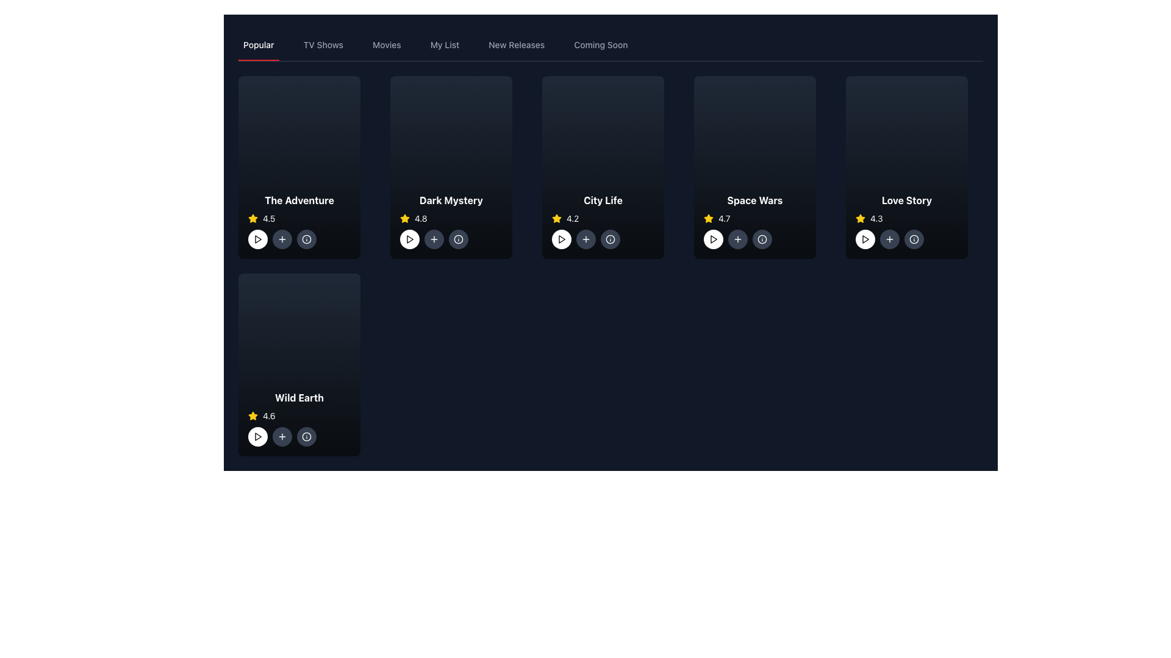  I want to click on the 'New Releases' text button in the navigation bar, so click(517, 44).